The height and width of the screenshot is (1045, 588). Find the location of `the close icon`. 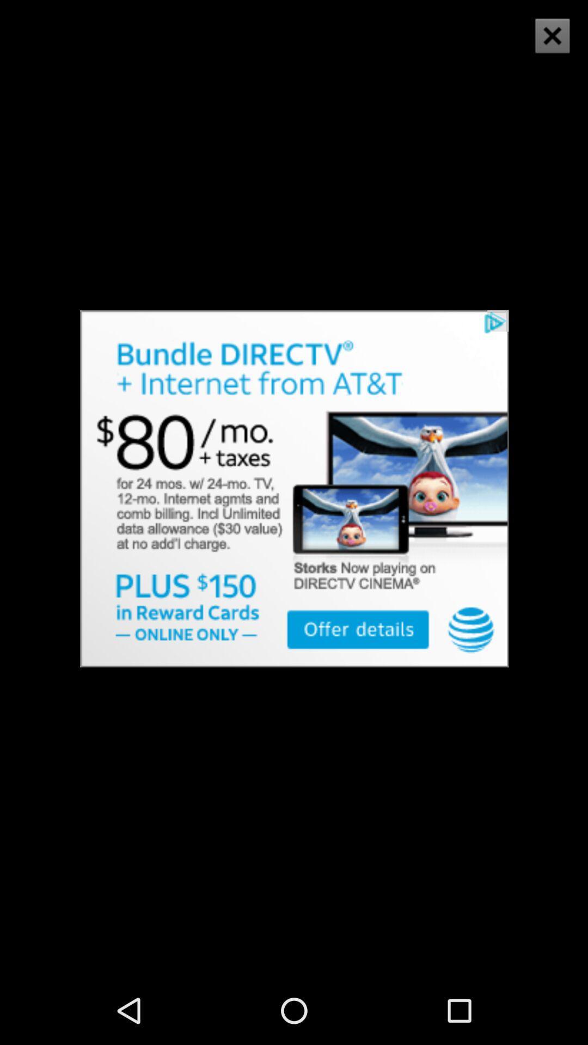

the close icon is located at coordinates (552, 38).